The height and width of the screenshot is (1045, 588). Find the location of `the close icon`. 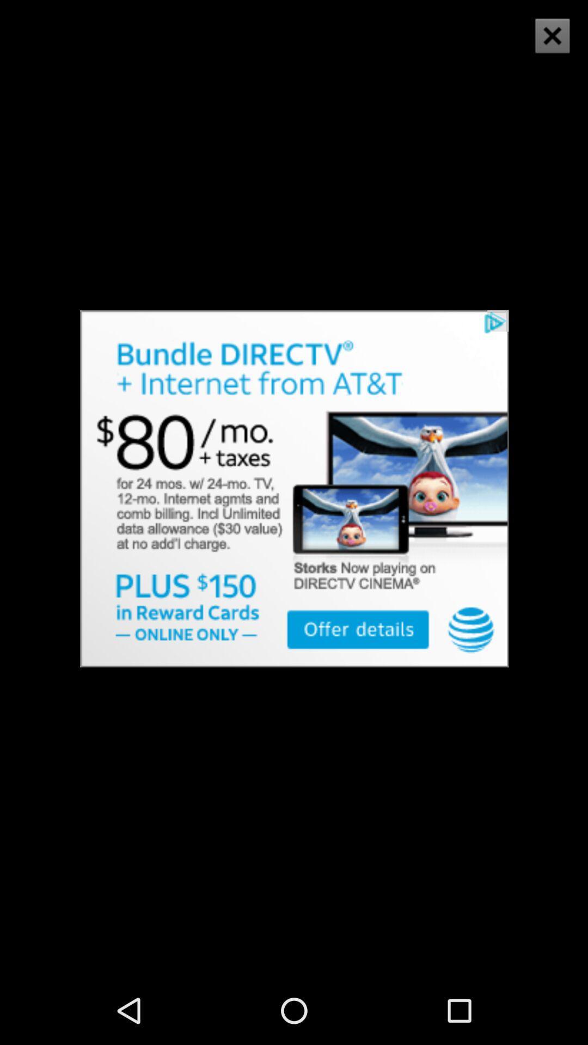

the close icon is located at coordinates (552, 38).